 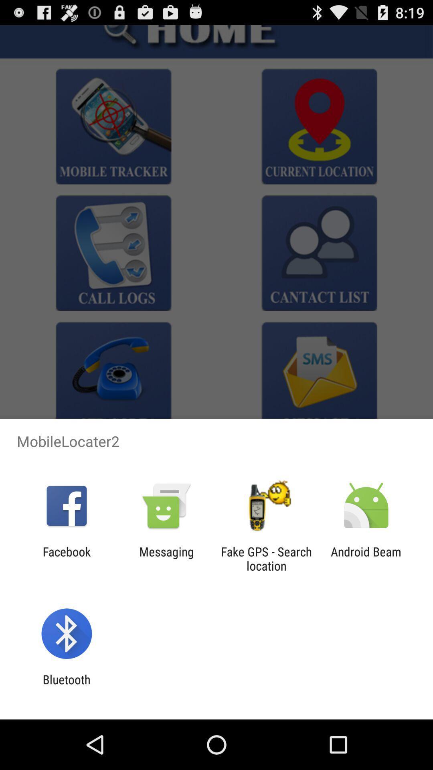 I want to click on the messaging item, so click(x=166, y=558).